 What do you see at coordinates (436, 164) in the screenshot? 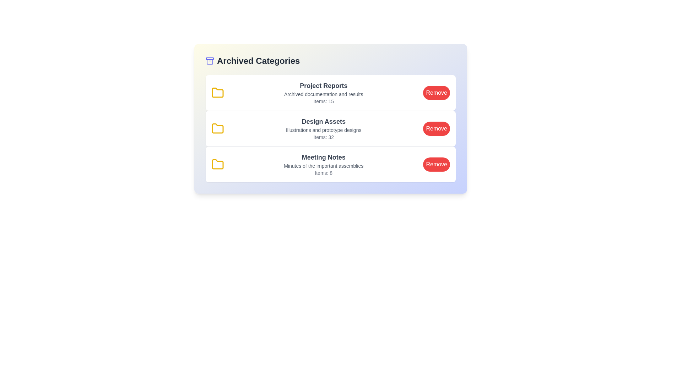
I see `'Remove' button for the category Meeting Notes` at bounding box center [436, 164].